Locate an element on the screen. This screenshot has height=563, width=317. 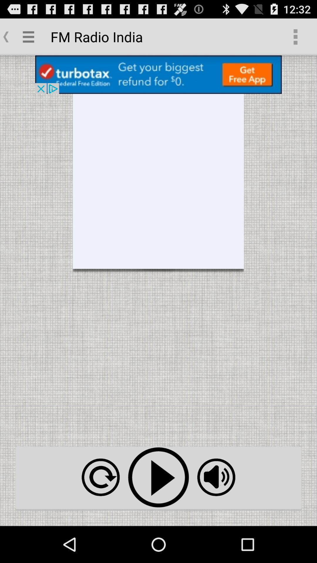
item at the bottom left corner is located at coordinates (100, 477).